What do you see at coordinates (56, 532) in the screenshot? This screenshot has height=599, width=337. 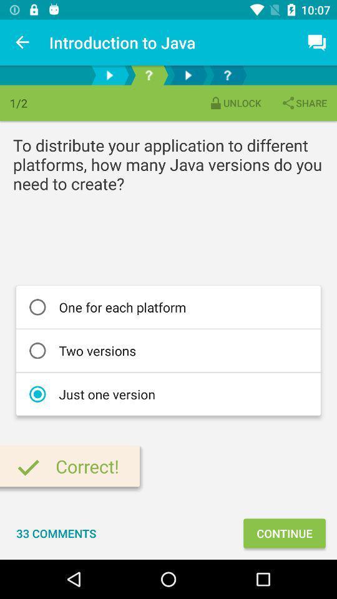 I see `icon to the left of the continue item` at bounding box center [56, 532].